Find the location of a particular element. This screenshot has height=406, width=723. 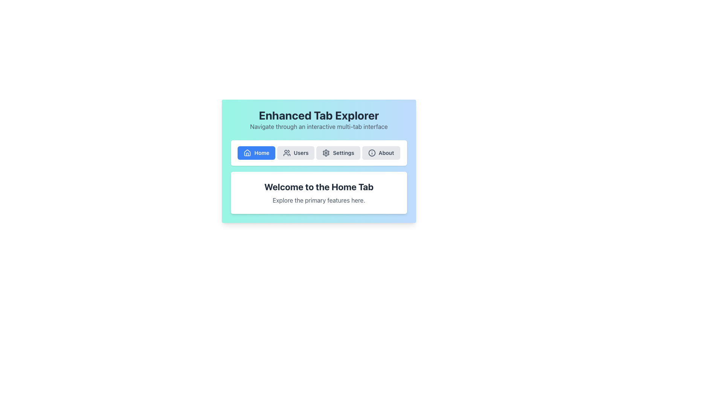

the Settings navigation button, which is the third button in a row of four buttons, located between the Users button and the About button is located at coordinates (338, 153).